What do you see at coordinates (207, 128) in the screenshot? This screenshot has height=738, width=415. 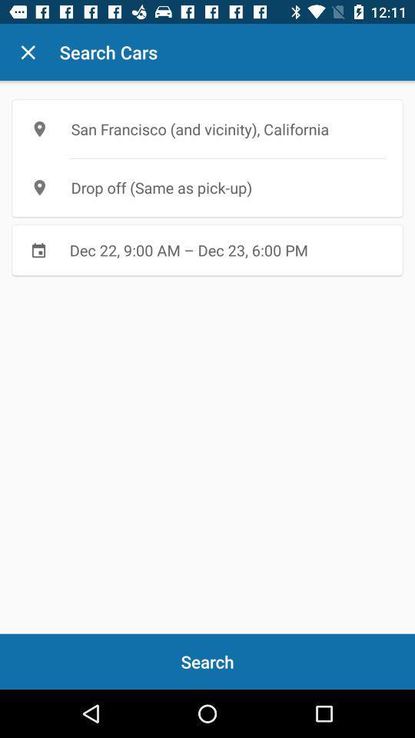 I see `the san francisco and icon` at bounding box center [207, 128].